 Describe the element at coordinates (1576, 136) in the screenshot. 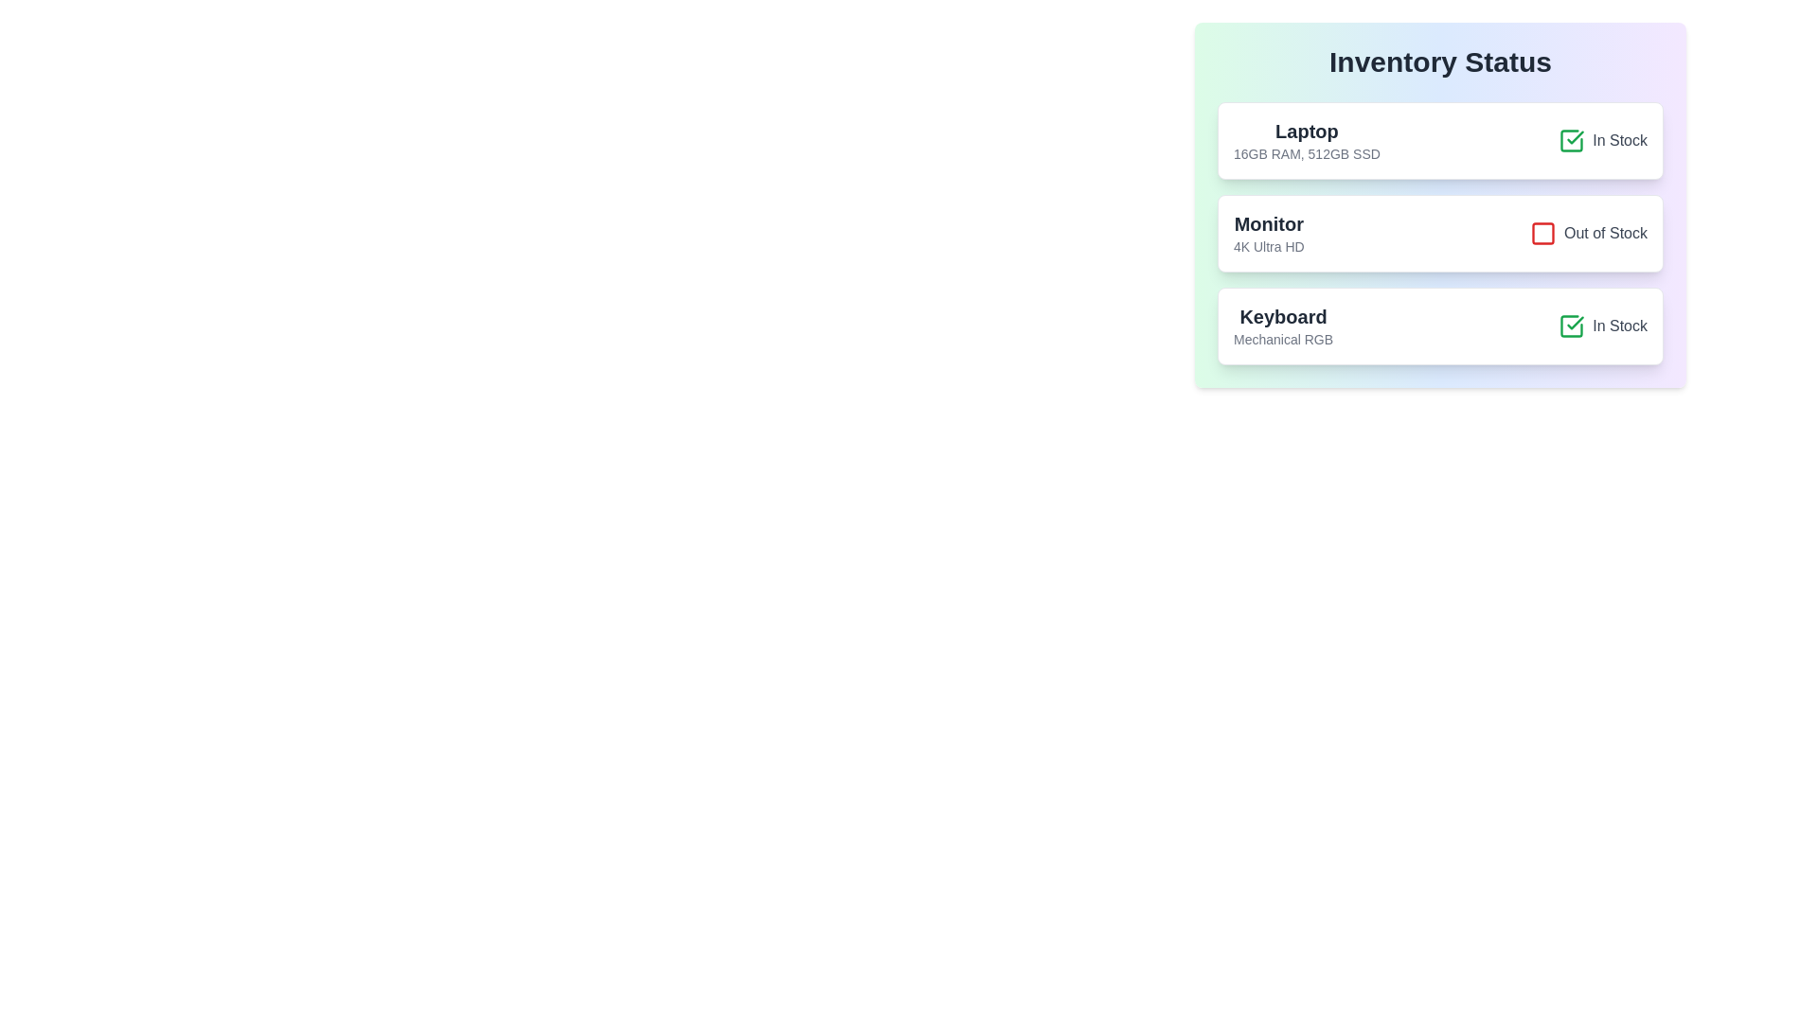

I see `the checkmark icon indicating the stock status of the 'Keyboard' item, which is located in the third row of the inventory list, aligned to the right of the 'In Stock' label` at that location.